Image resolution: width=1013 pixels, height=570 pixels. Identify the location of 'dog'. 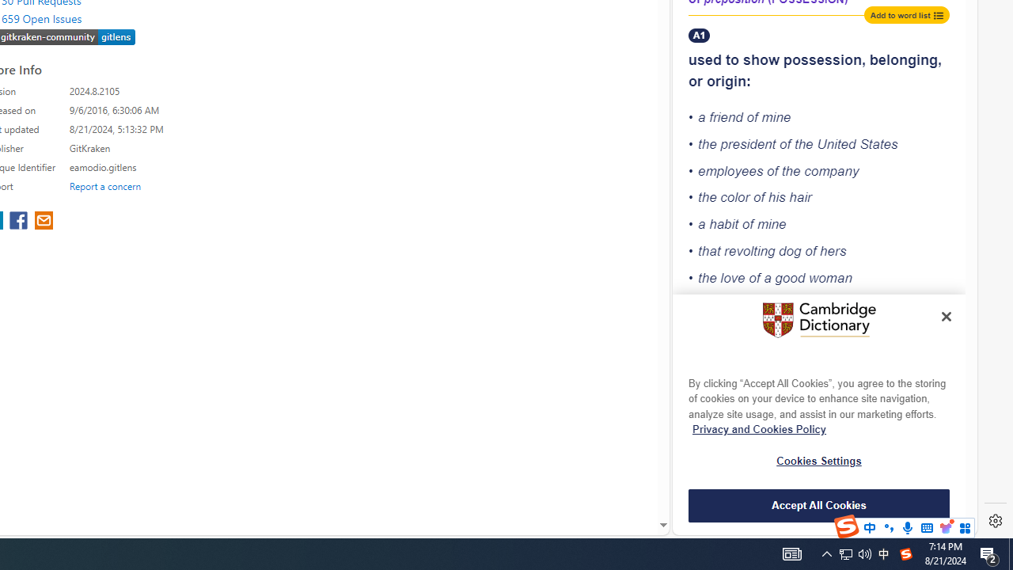
(790, 249).